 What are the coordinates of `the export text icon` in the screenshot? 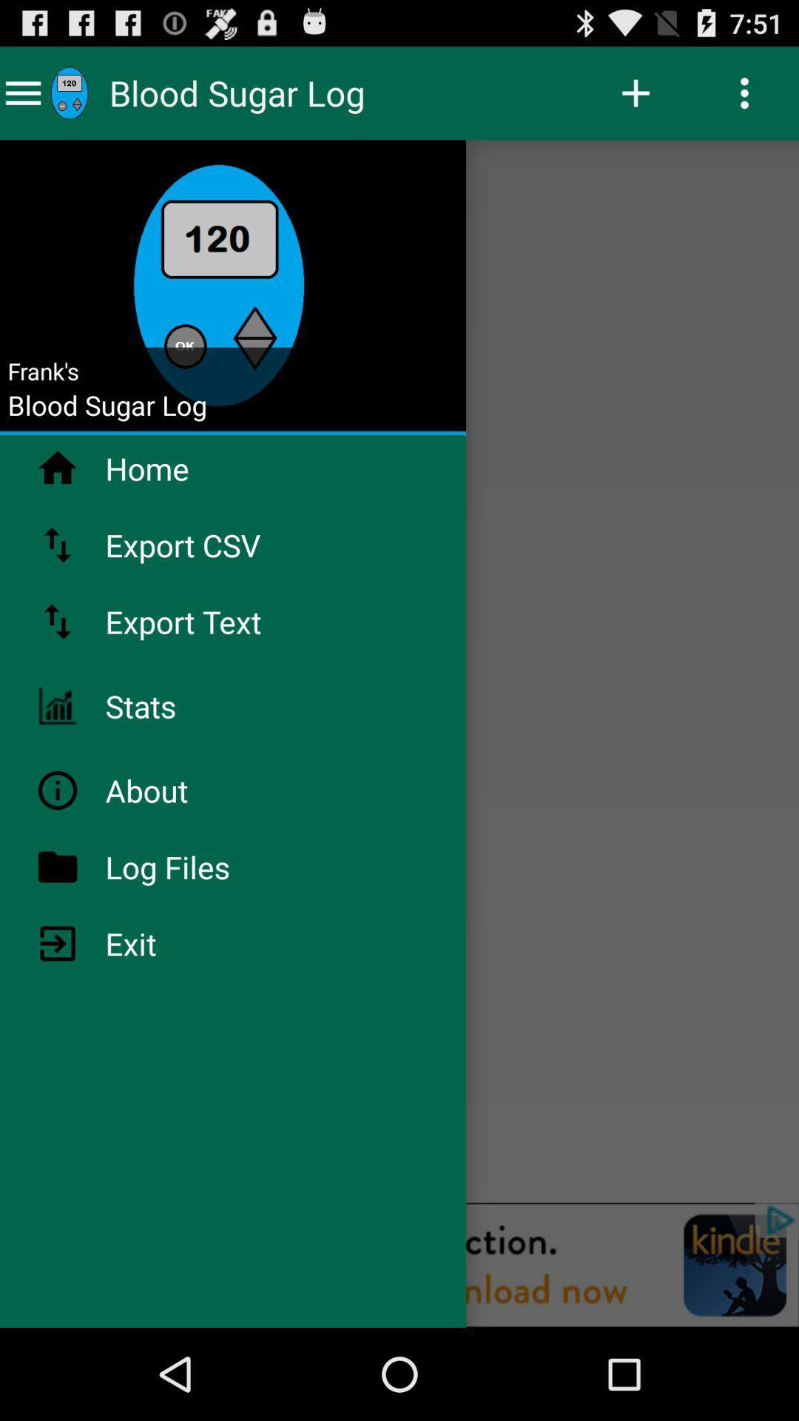 It's located at (222, 622).